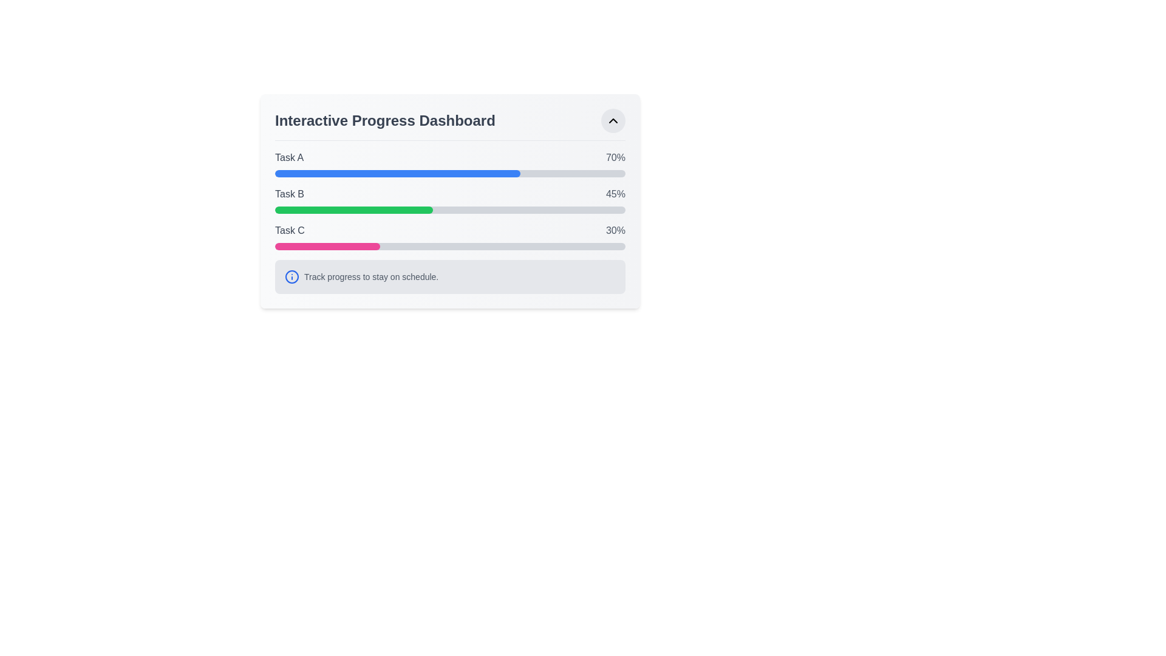 The width and height of the screenshot is (1166, 656). Describe the element at coordinates (288, 194) in the screenshot. I see `the Text label that identifies the task associated with the nearby progress bar, which is aligned vertically with the '45%' percentage label` at that location.